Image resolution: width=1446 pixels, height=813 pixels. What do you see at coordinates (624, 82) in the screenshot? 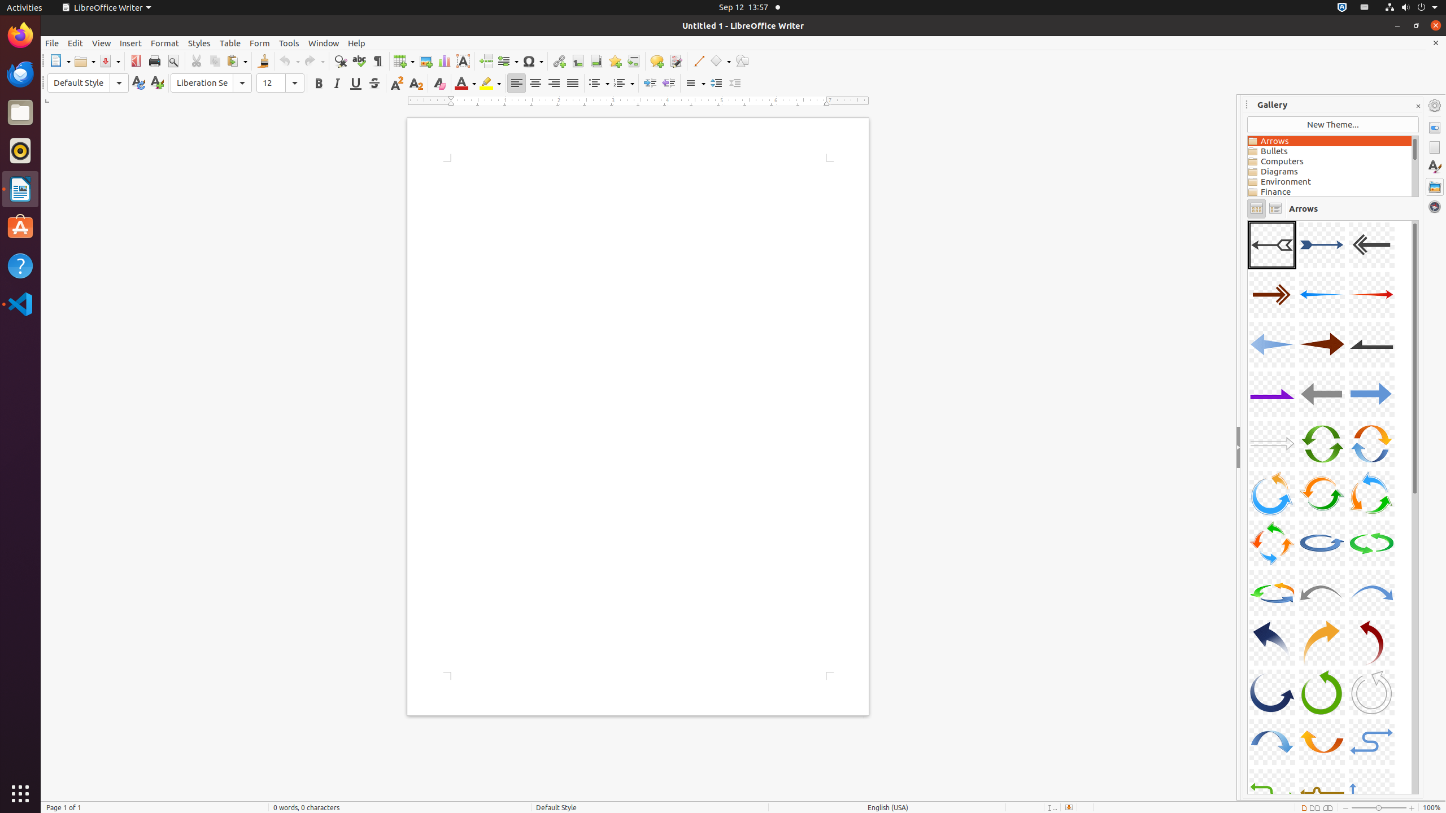
I see `'Numbering'` at bounding box center [624, 82].